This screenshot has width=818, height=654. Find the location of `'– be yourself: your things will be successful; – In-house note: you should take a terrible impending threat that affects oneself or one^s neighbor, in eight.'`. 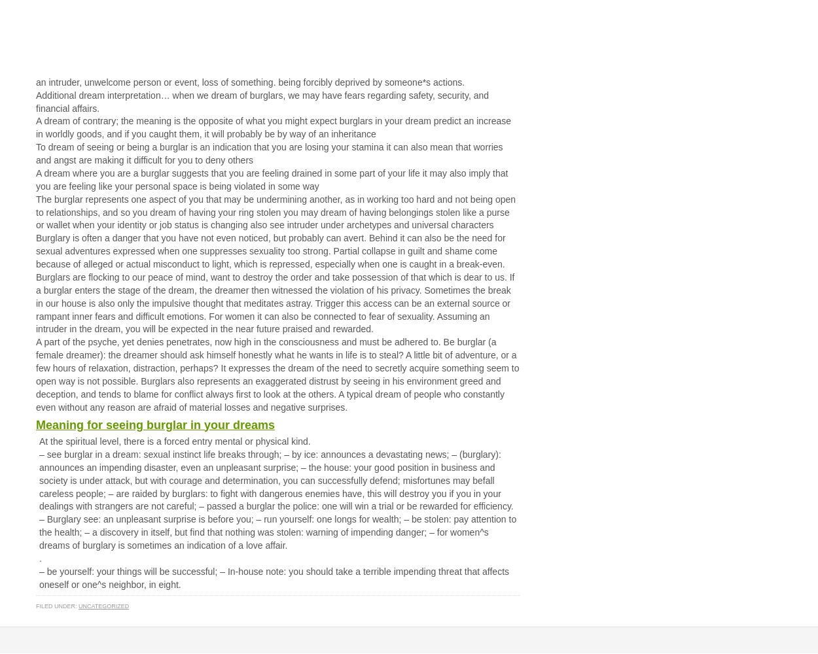

'– be yourself: your things will be successful; – In-house note: you should take a terrible impending threat that affects oneself or one^s neighbor, in eight.' is located at coordinates (274, 577).